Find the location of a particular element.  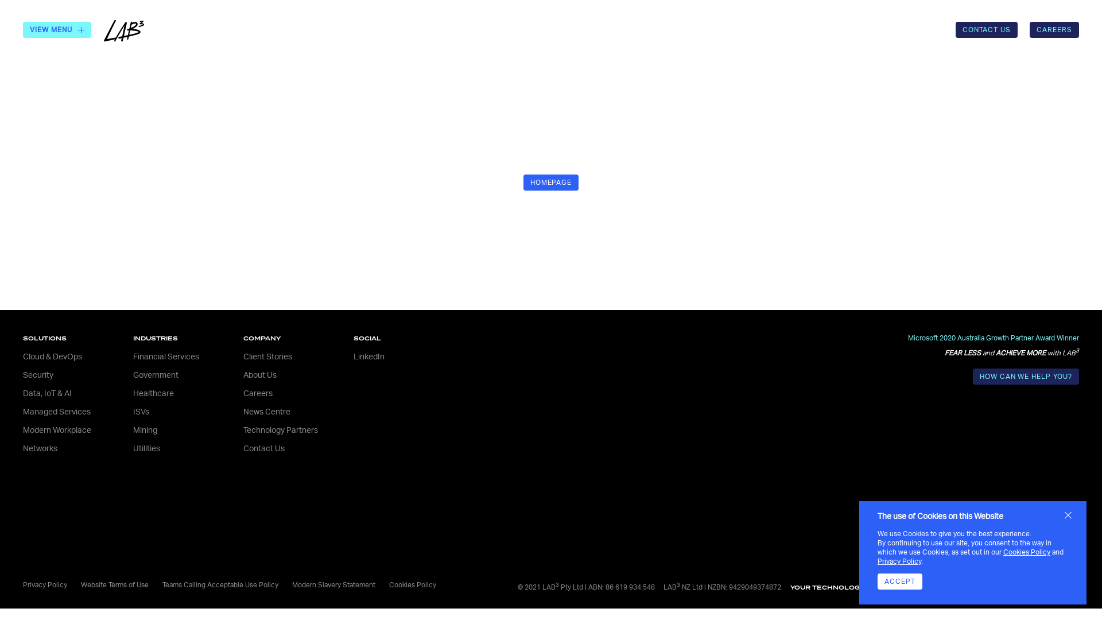

'Careers' is located at coordinates (257, 393).